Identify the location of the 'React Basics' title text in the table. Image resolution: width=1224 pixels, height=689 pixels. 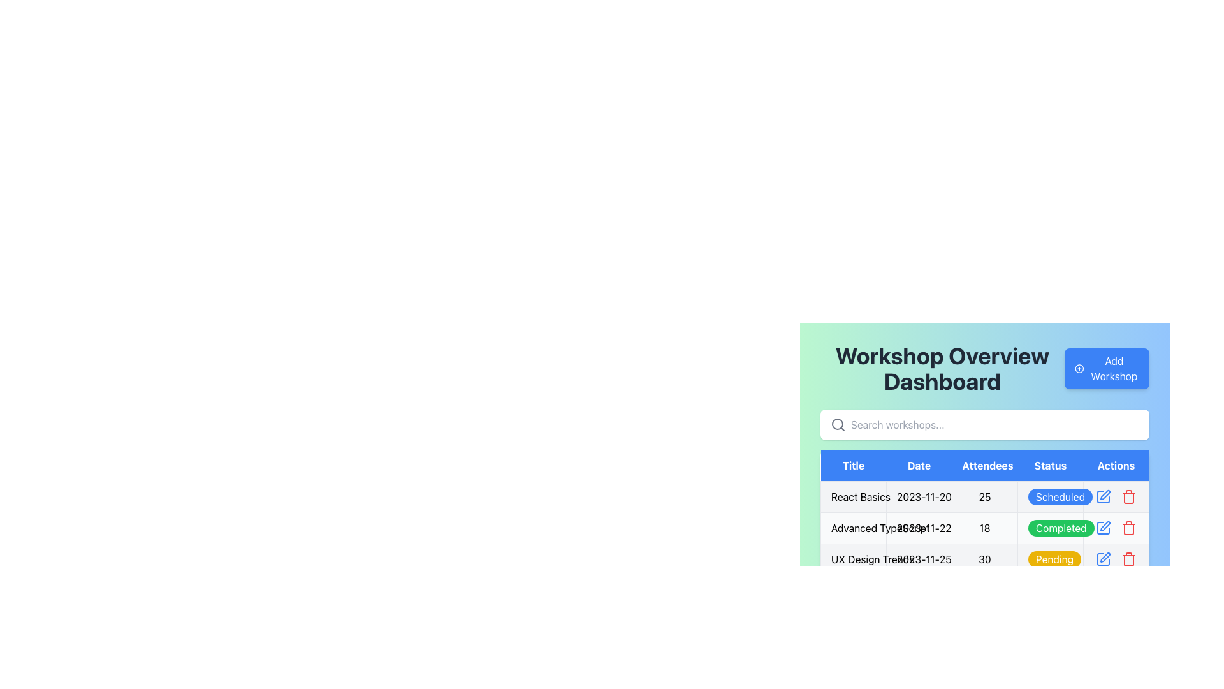
(854, 496).